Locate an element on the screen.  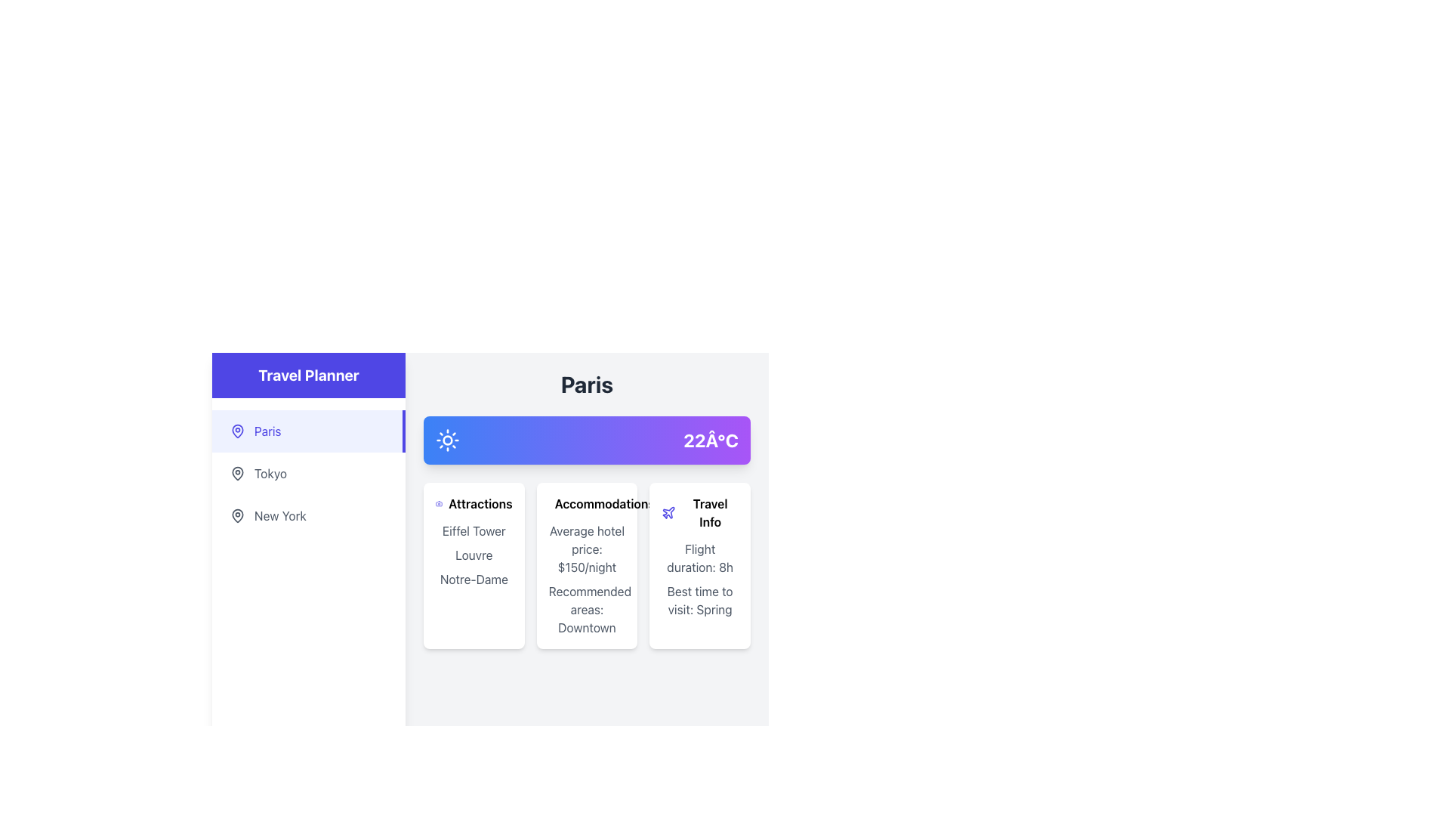
the text label displaying 'Tokyo' in the left sidebar of the application interface is located at coordinates (270, 473).